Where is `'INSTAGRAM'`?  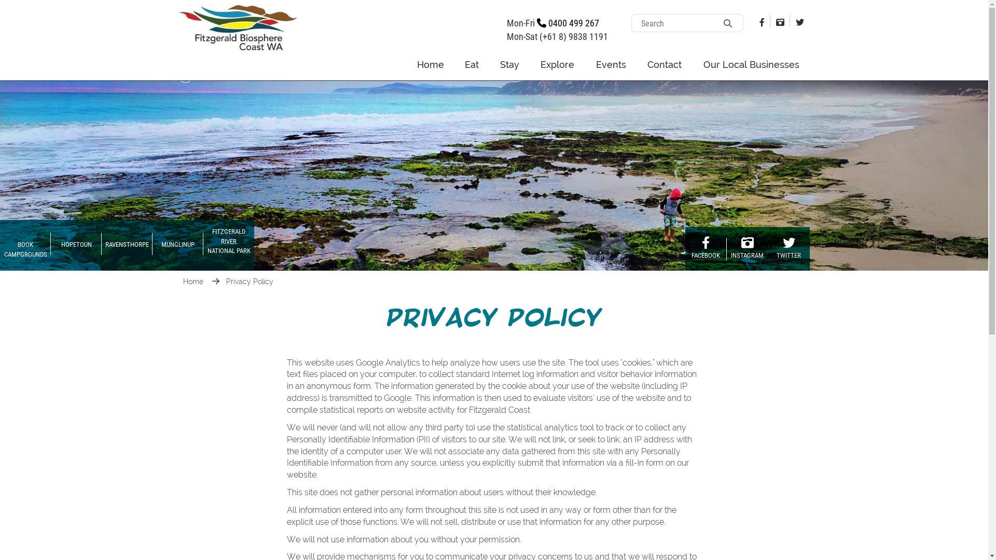 'INSTAGRAM' is located at coordinates (747, 248).